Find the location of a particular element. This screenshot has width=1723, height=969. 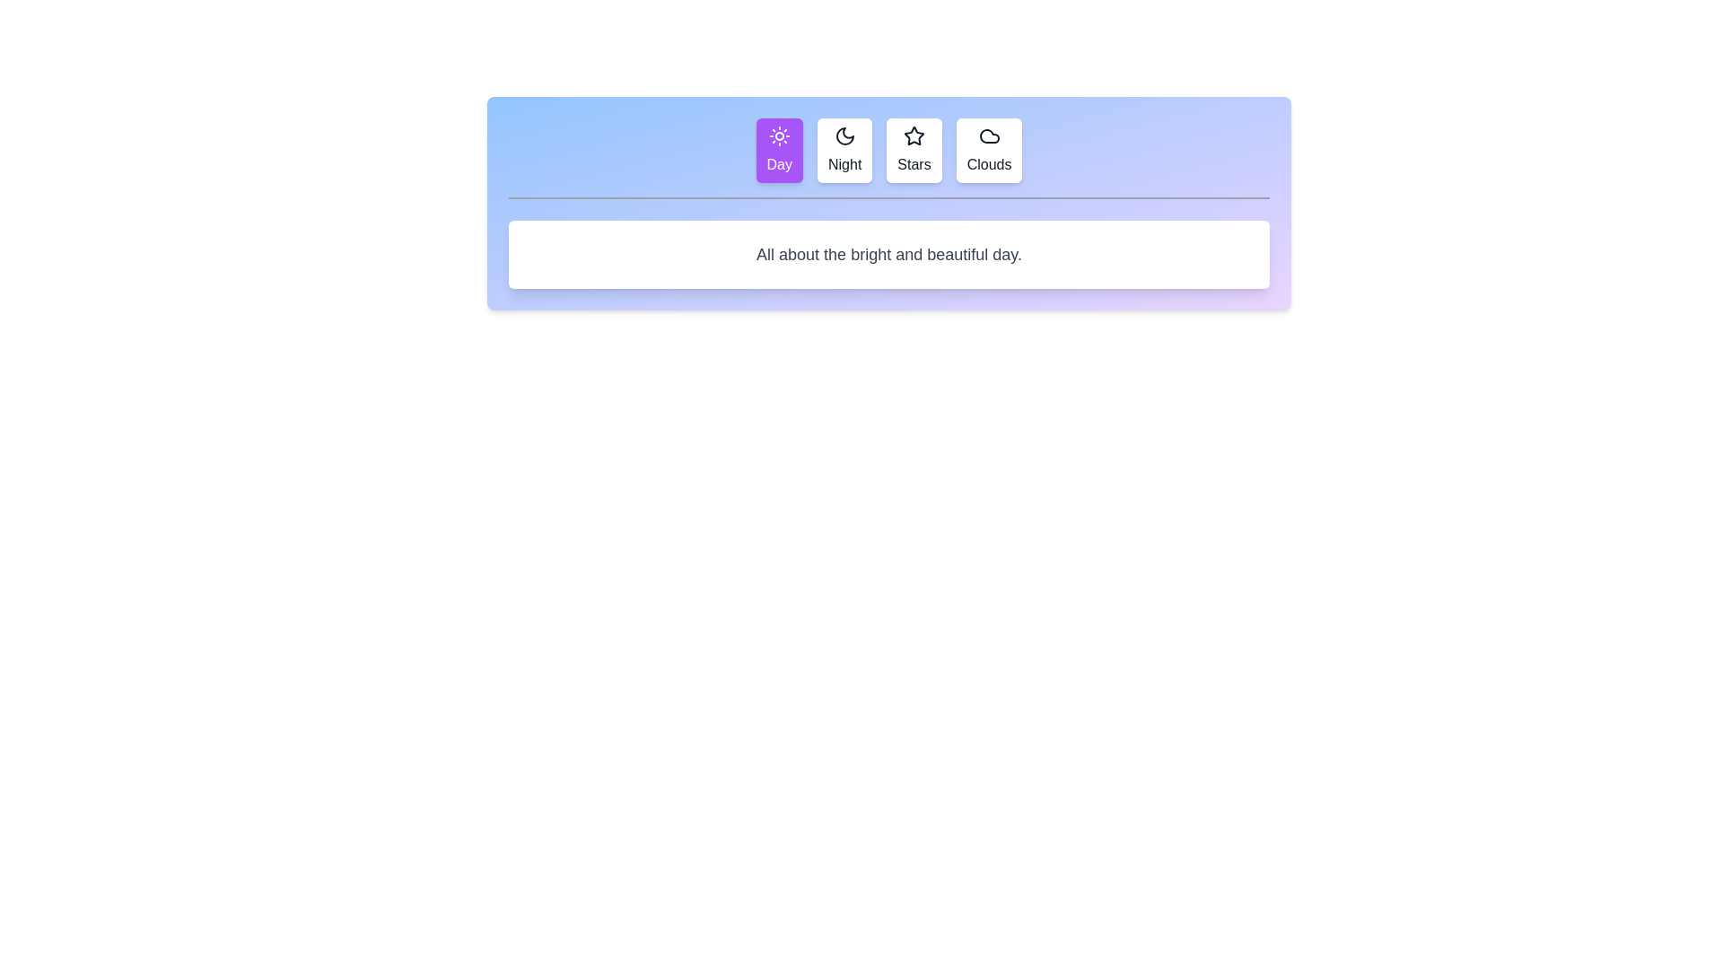

the tab labeled Clouds is located at coordinates (988, 150).